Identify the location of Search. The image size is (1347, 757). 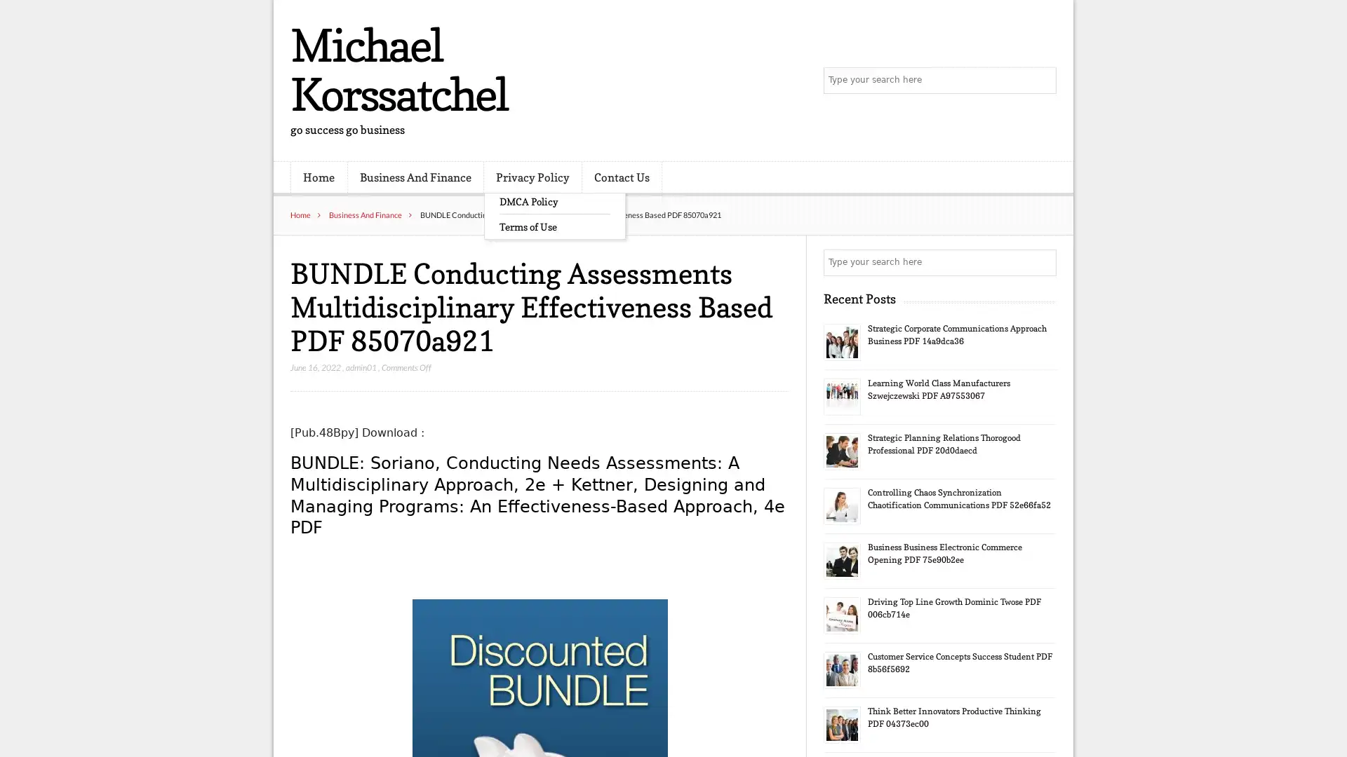
(1042, 262).